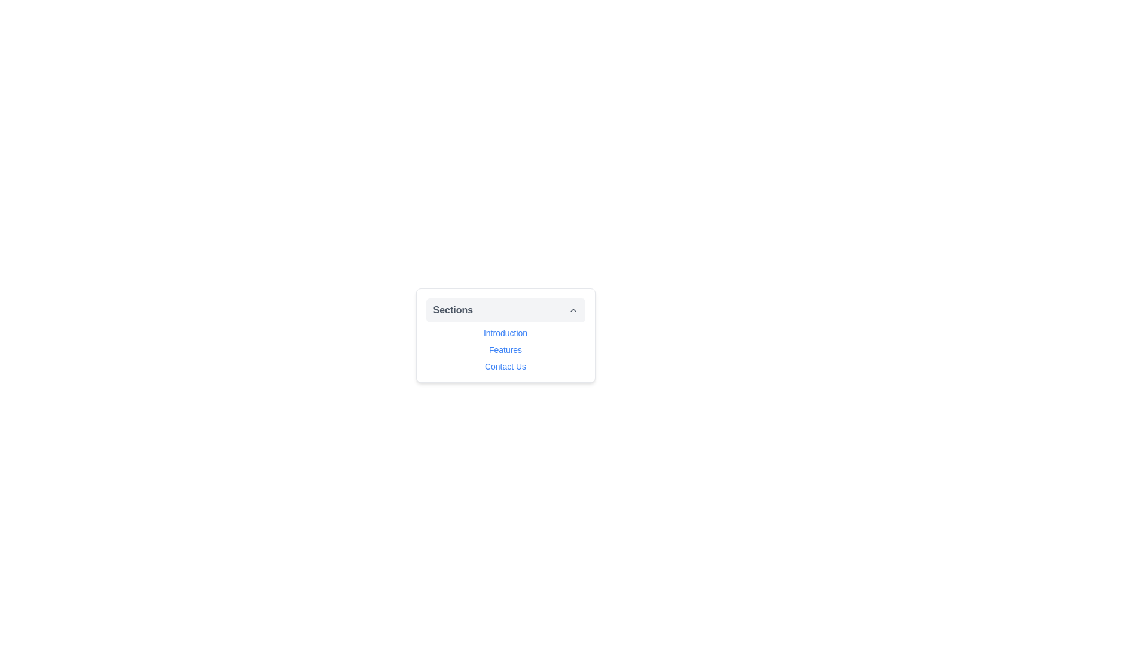 Image resolution: width=1148 pixels, height=646 pixels. What do you see at coordinates (572, 310) in the screenshot?
I see `the chevron icon located at the far-right side of the 'Sections' label` at bounding box center [572, 310].